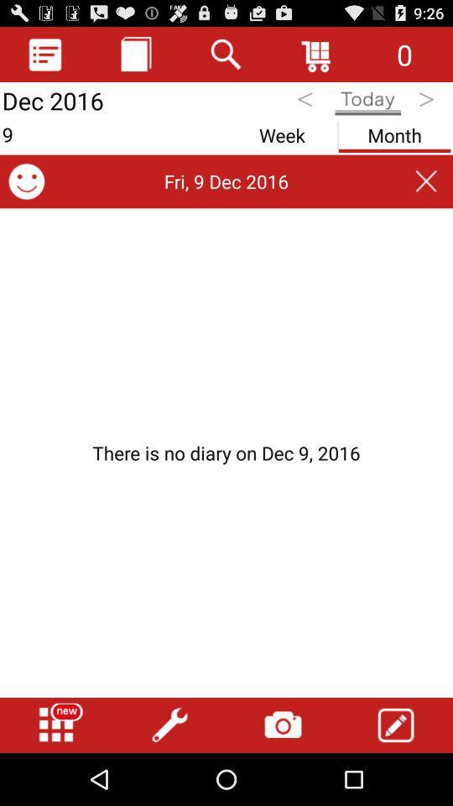  Describe the element at coordinates (56, 725) in the screenshot. I see `new` at that location.